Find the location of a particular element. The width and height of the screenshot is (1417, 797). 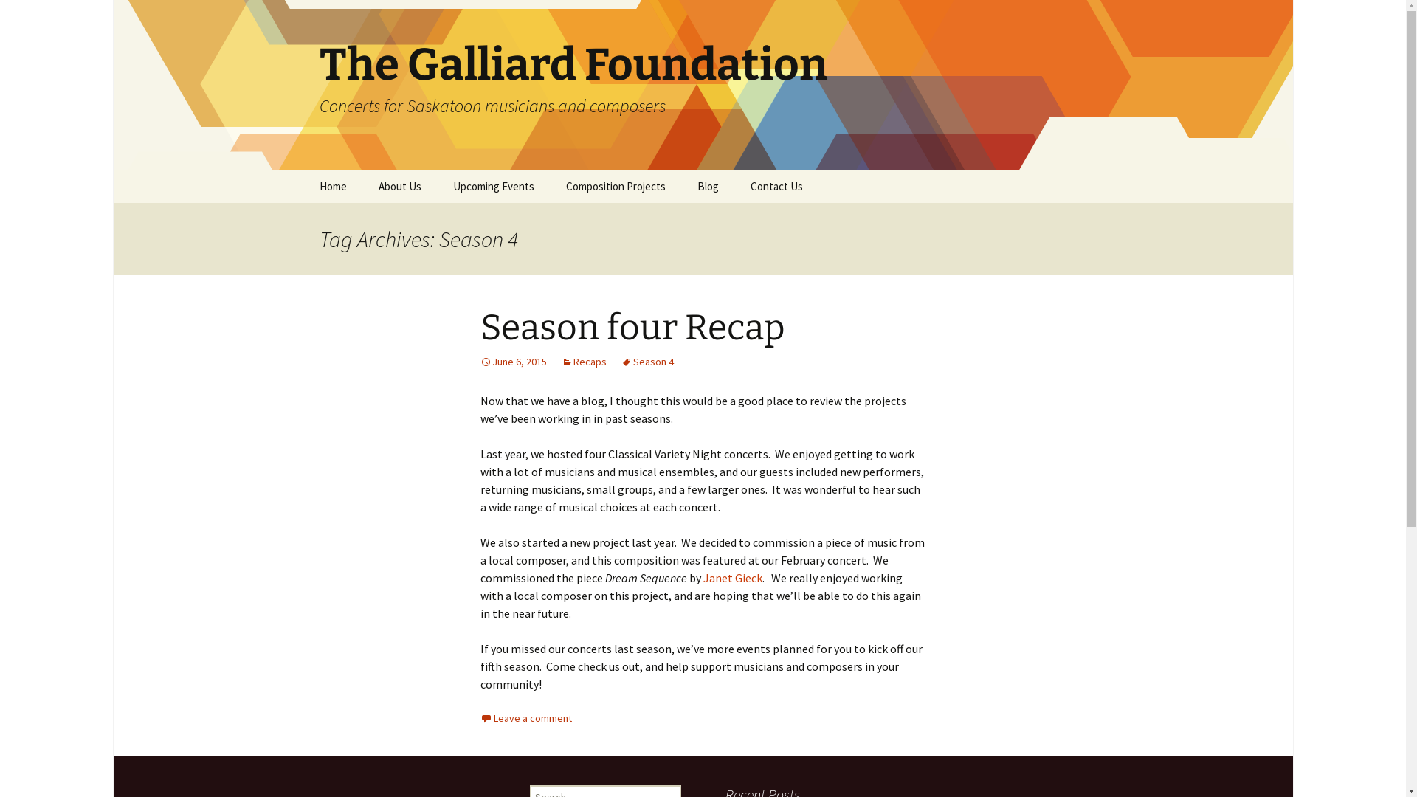

'Contact Us' is located at coordinates (775, 185).